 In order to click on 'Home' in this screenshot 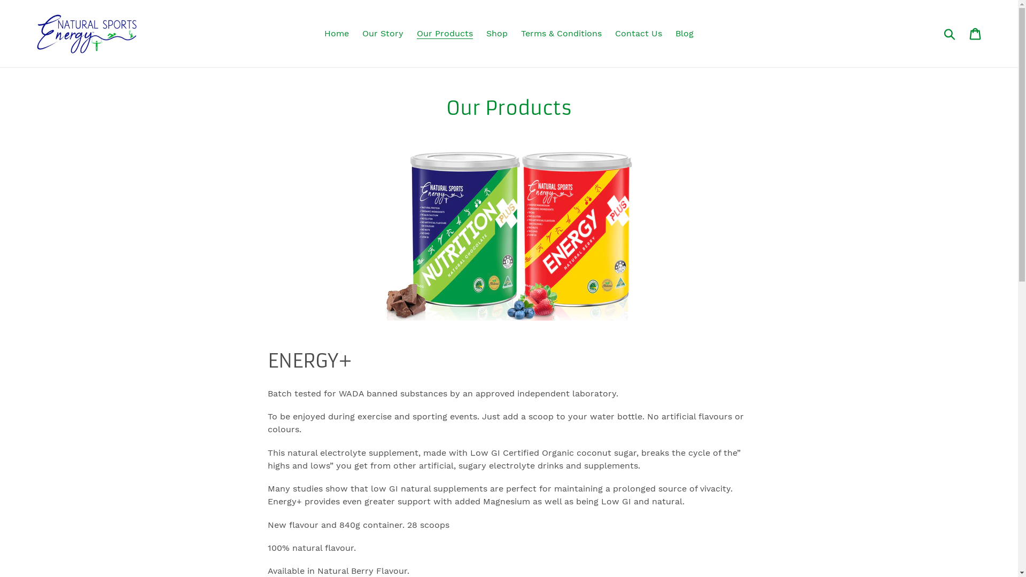, I will do `click(318, 33)`.